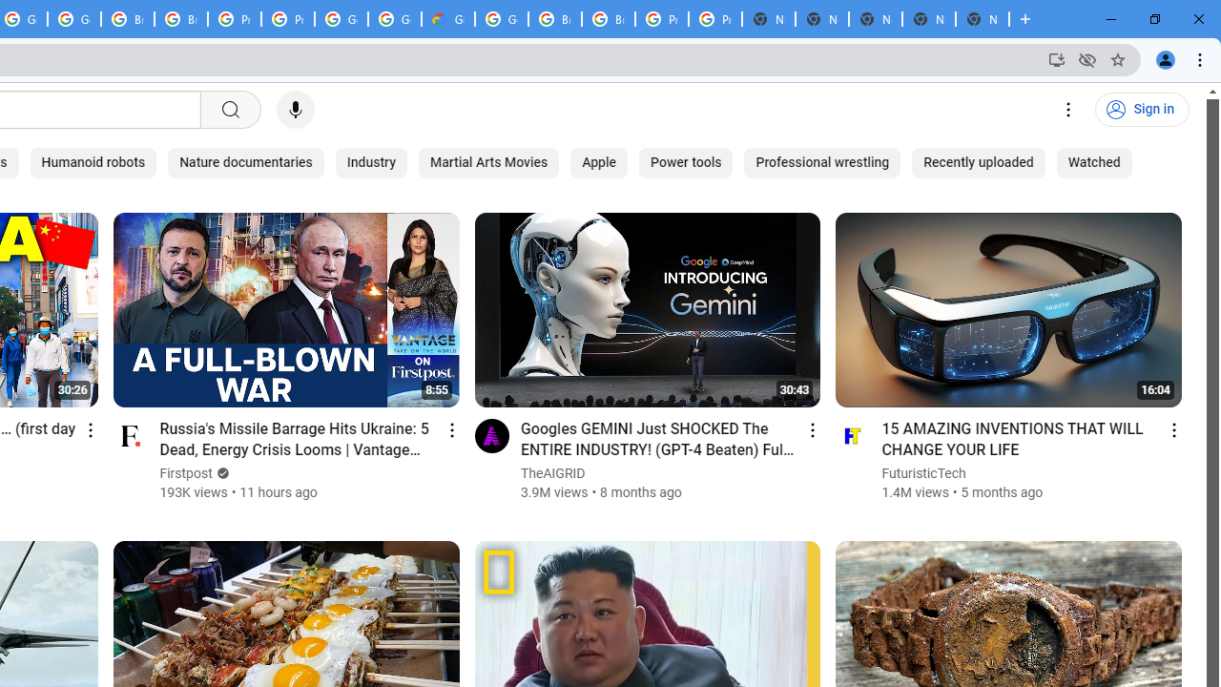  I want to click on 'Recently uploaded', so click(978, 162).